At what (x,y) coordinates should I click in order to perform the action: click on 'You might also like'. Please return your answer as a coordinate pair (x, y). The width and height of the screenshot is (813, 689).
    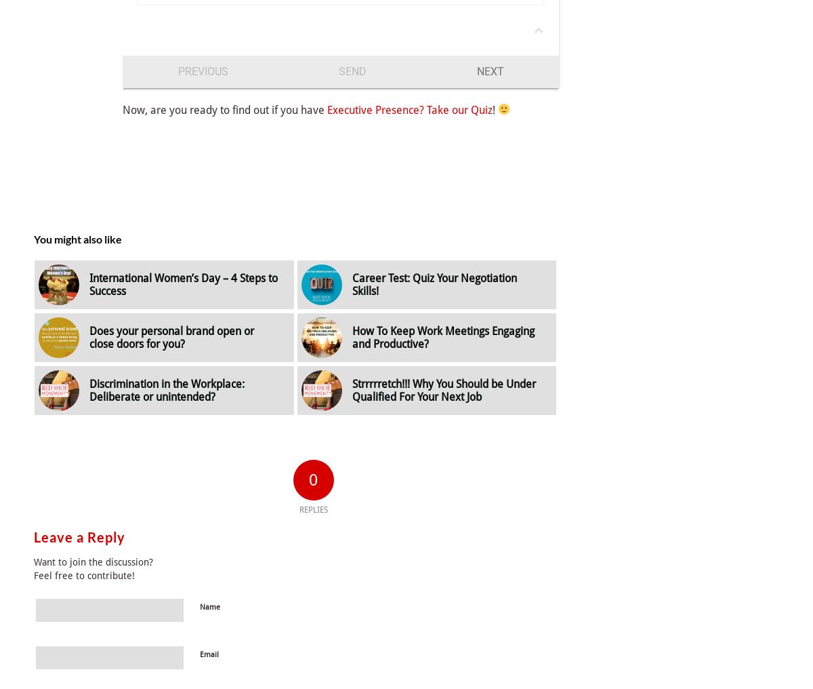
    Looking at the image, I should click on (77, 238).